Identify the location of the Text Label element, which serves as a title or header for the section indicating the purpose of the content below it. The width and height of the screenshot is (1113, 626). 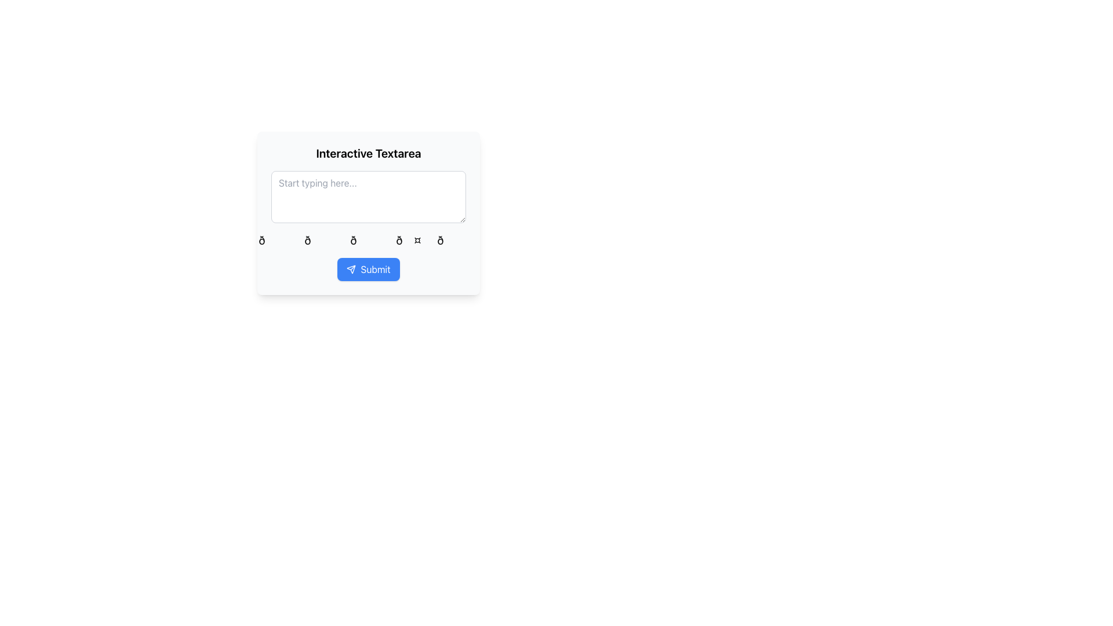
(368, 153).